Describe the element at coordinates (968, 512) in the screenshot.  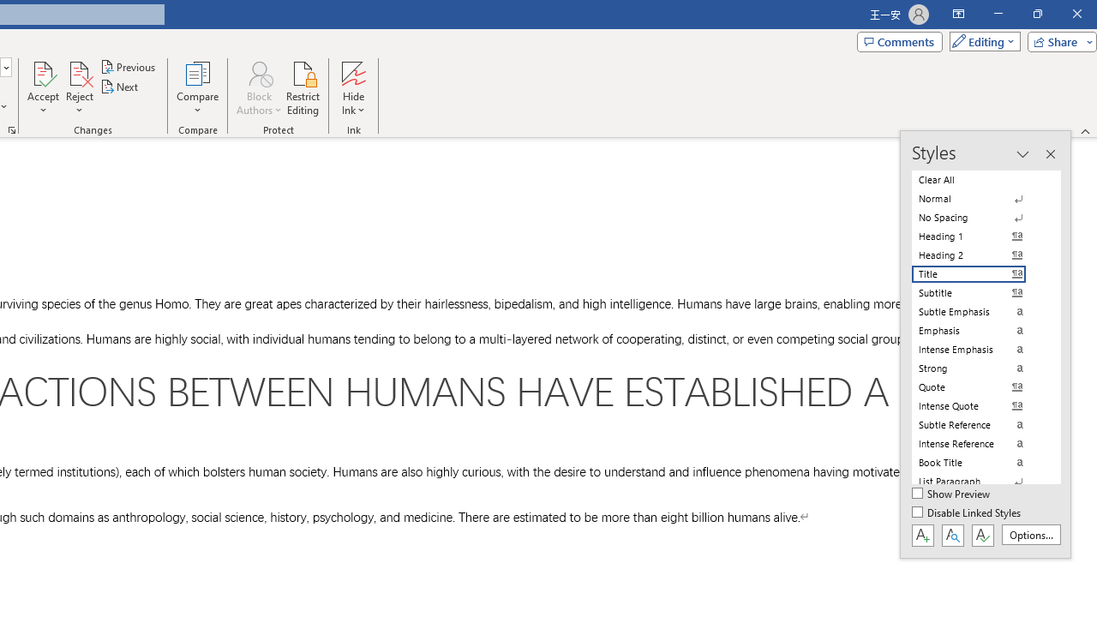
I see `'Disable Linked Styles'` at that location.